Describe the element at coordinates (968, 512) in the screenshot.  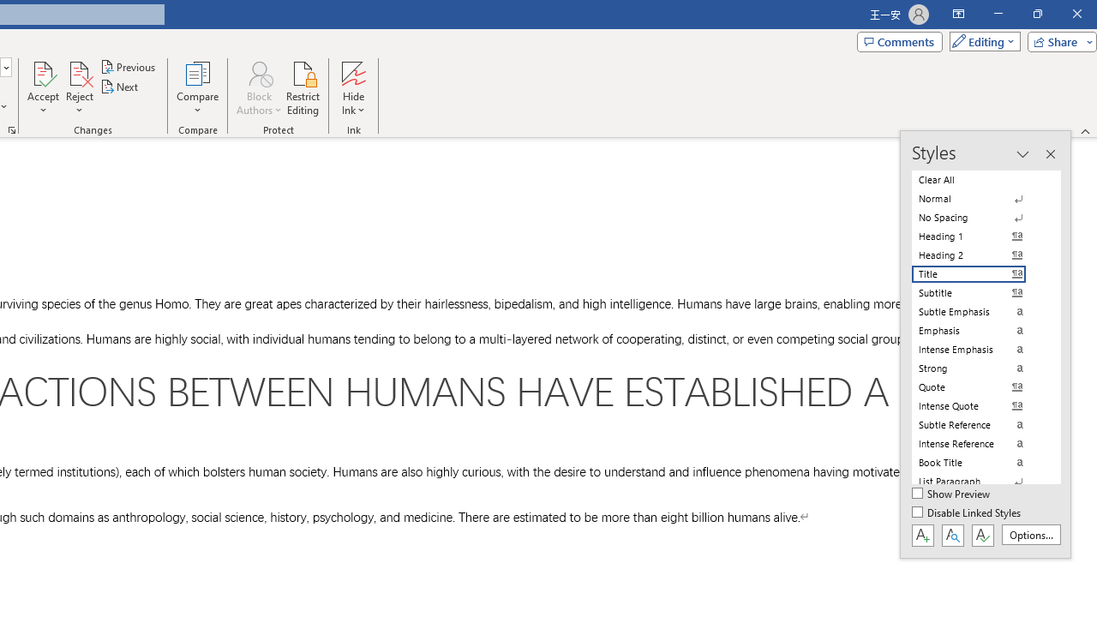
I see `'Disable Linked Styles'` at that location.